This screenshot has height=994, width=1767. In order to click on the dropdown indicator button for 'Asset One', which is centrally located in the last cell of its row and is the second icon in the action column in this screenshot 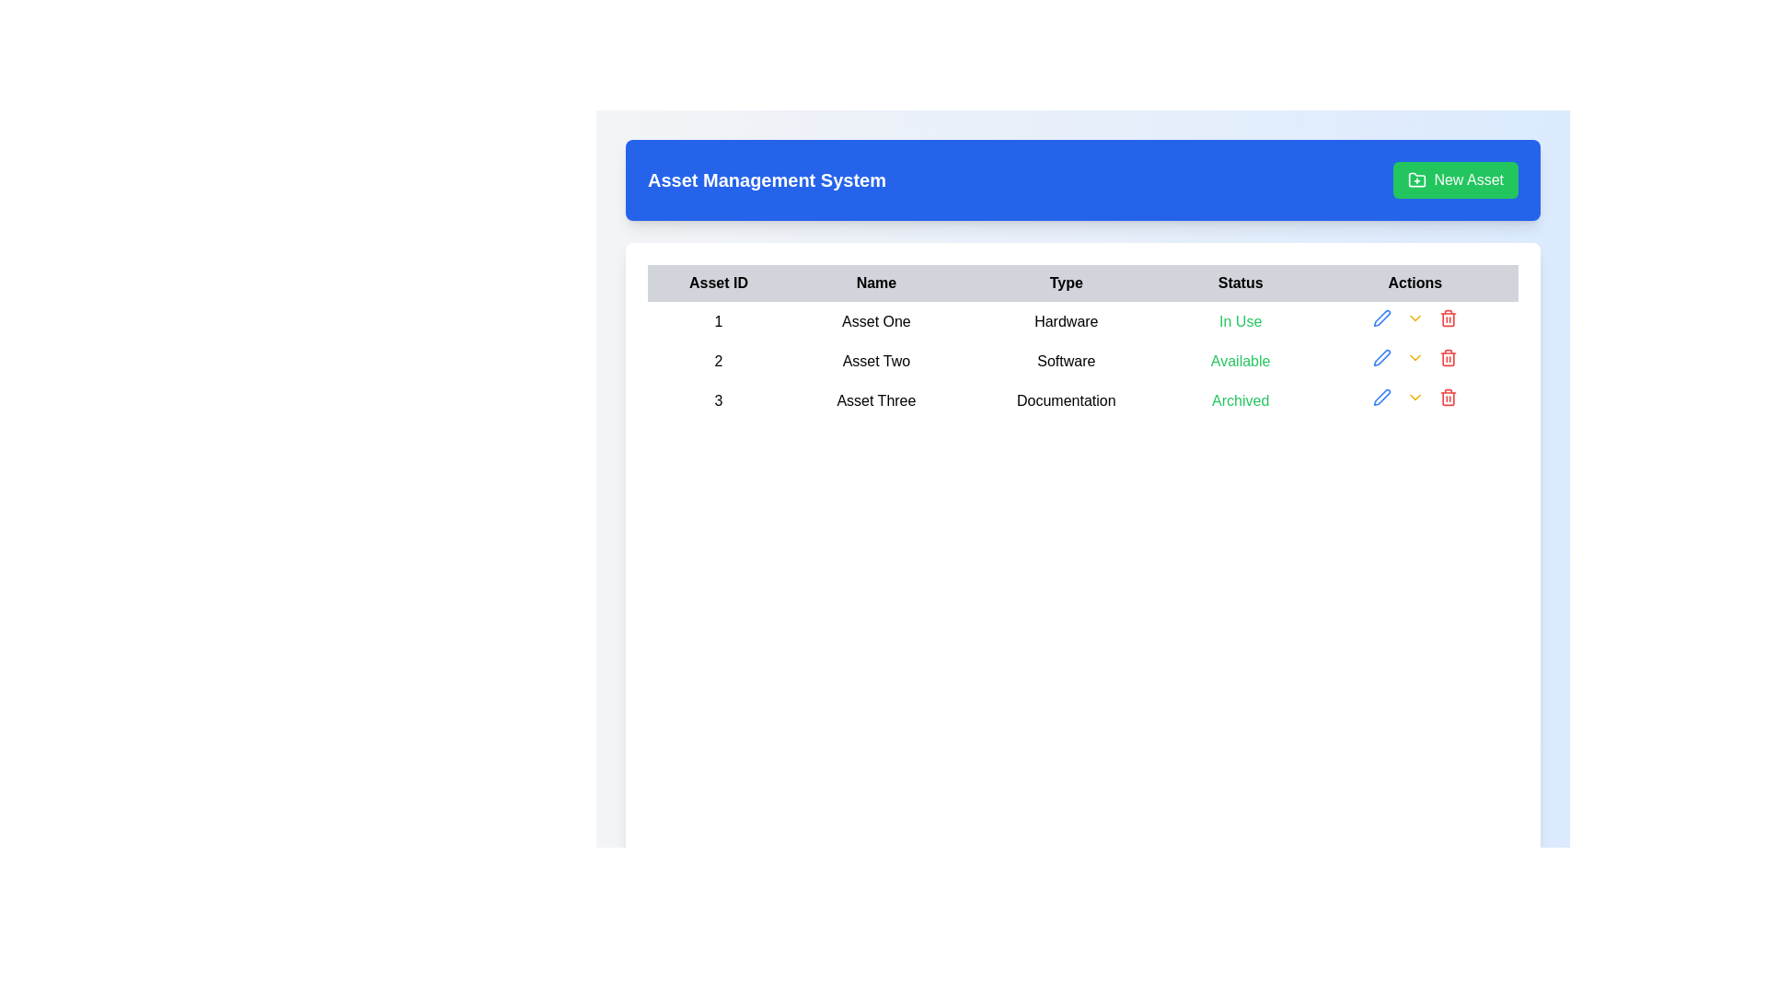, I will do `click(1414, 320)`.